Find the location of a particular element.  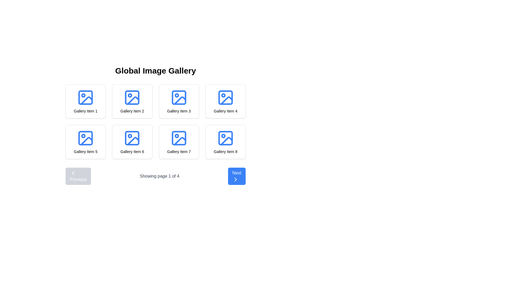

the small circular icon located inside 'Gallery Item 3' thumbnail, positioned near the top-left corner of the icon is located at coordinates (177, 95).